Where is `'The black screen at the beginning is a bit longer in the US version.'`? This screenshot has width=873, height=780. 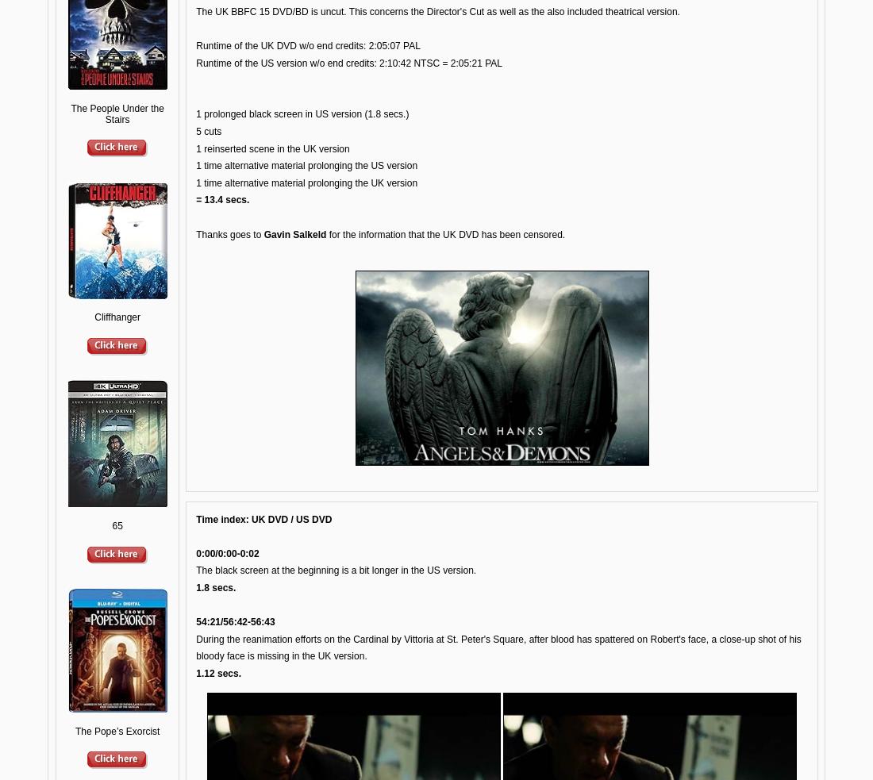 'The black screen at the beginning is a bit longer in the US version.' is located at coordinates (195, 569).